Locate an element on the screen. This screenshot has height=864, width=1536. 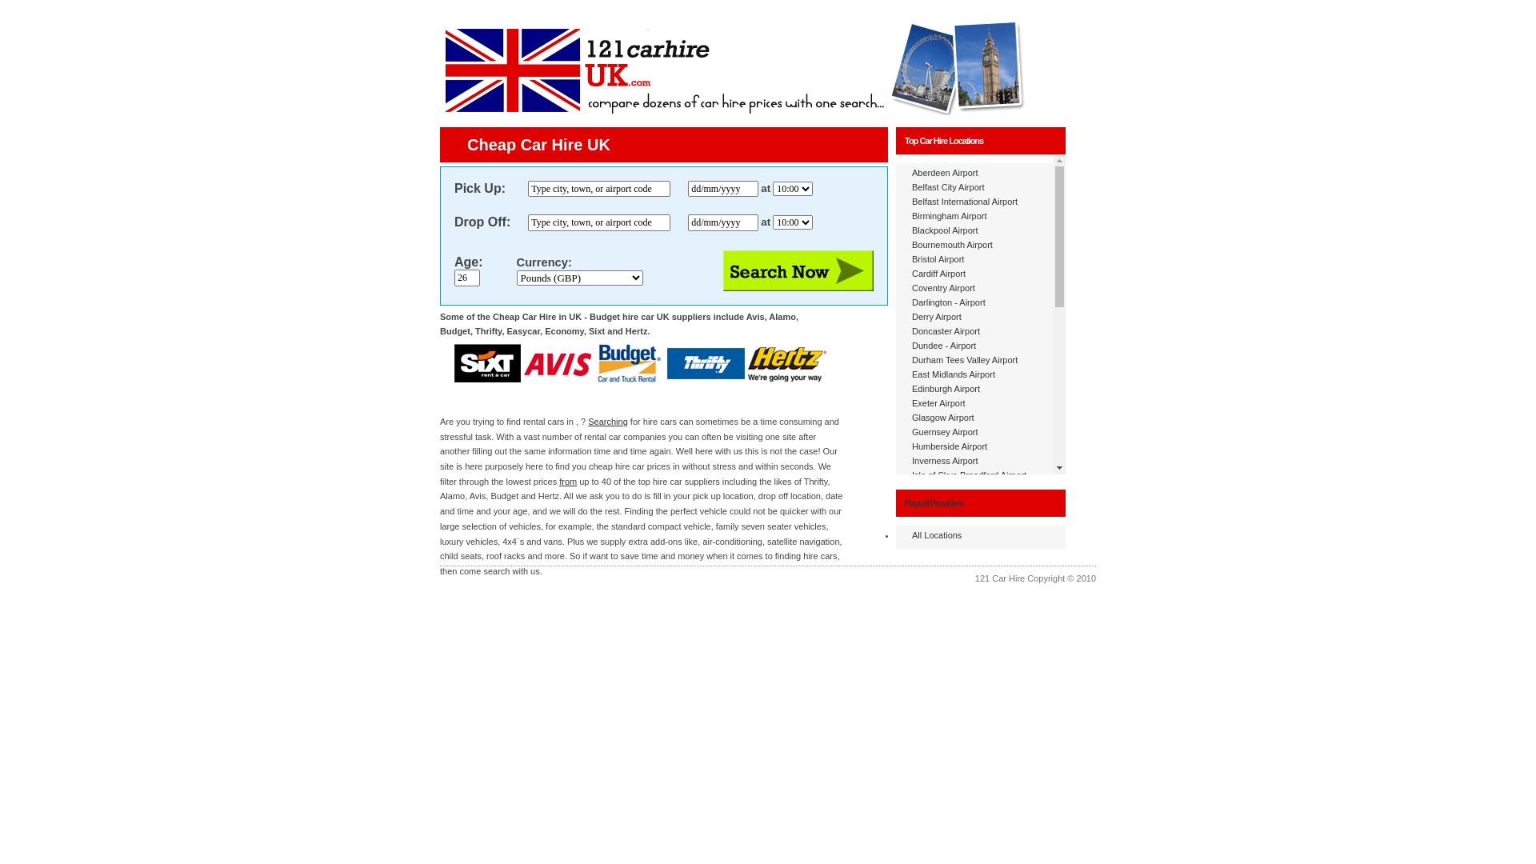
'Bournemouth Airport' is located at coordinates (912, 244).